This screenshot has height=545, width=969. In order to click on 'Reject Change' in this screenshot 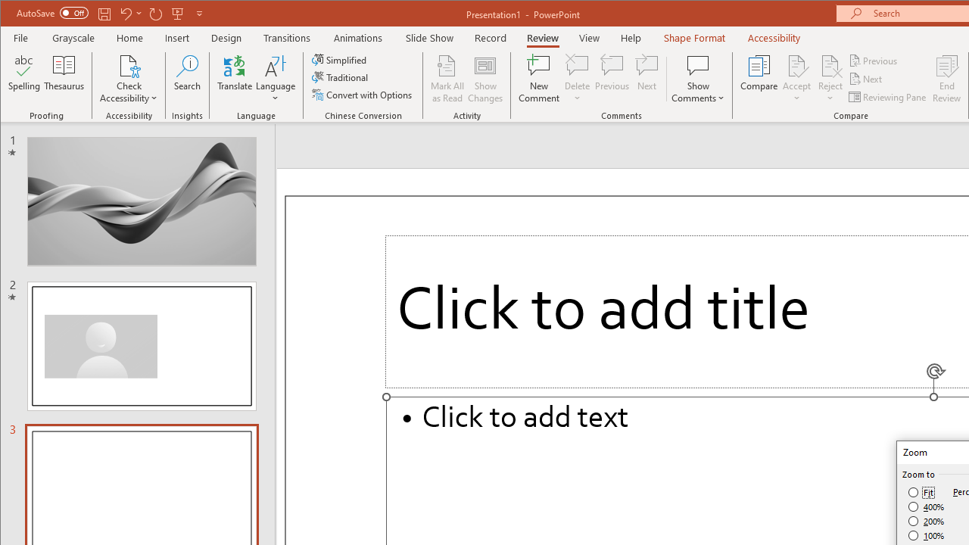, I will do `click(829, 64)`.